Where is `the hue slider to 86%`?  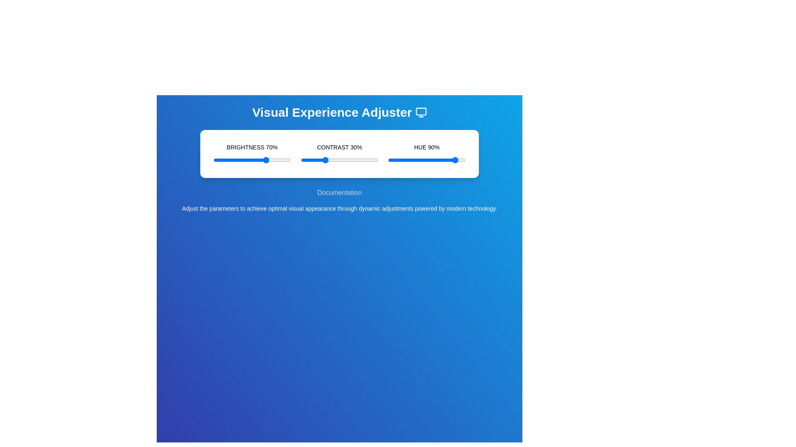 the hue slider to 86% is located at coordinates (454, 160).